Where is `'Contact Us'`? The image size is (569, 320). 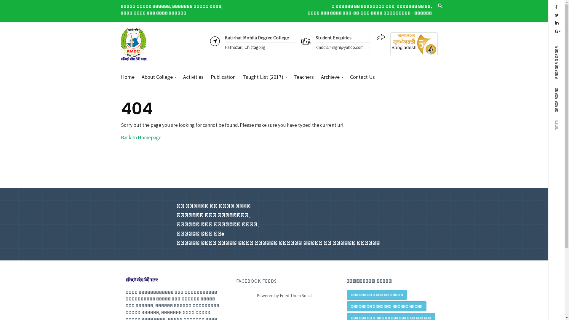 'Contact Us' is located at coordinates (362, 76).